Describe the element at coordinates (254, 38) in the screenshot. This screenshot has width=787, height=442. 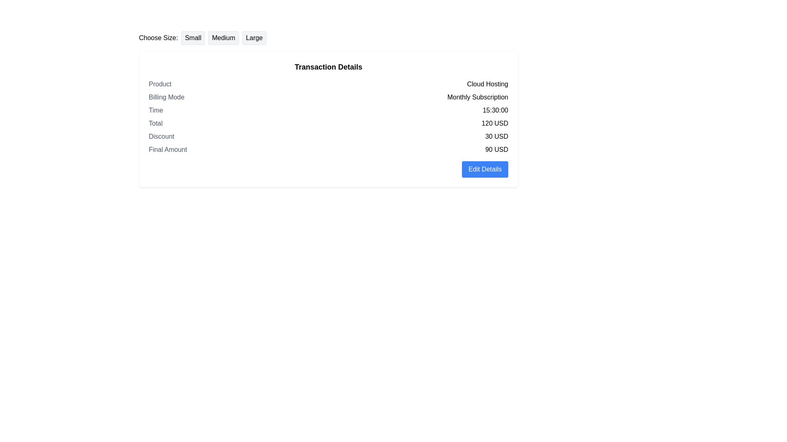
I see `the 'Large' size option button located next to the text 'Choose Size:'` at that location.